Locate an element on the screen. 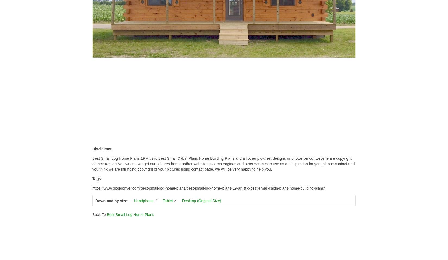  'Download by size:' is located at coordinates (112, 201).